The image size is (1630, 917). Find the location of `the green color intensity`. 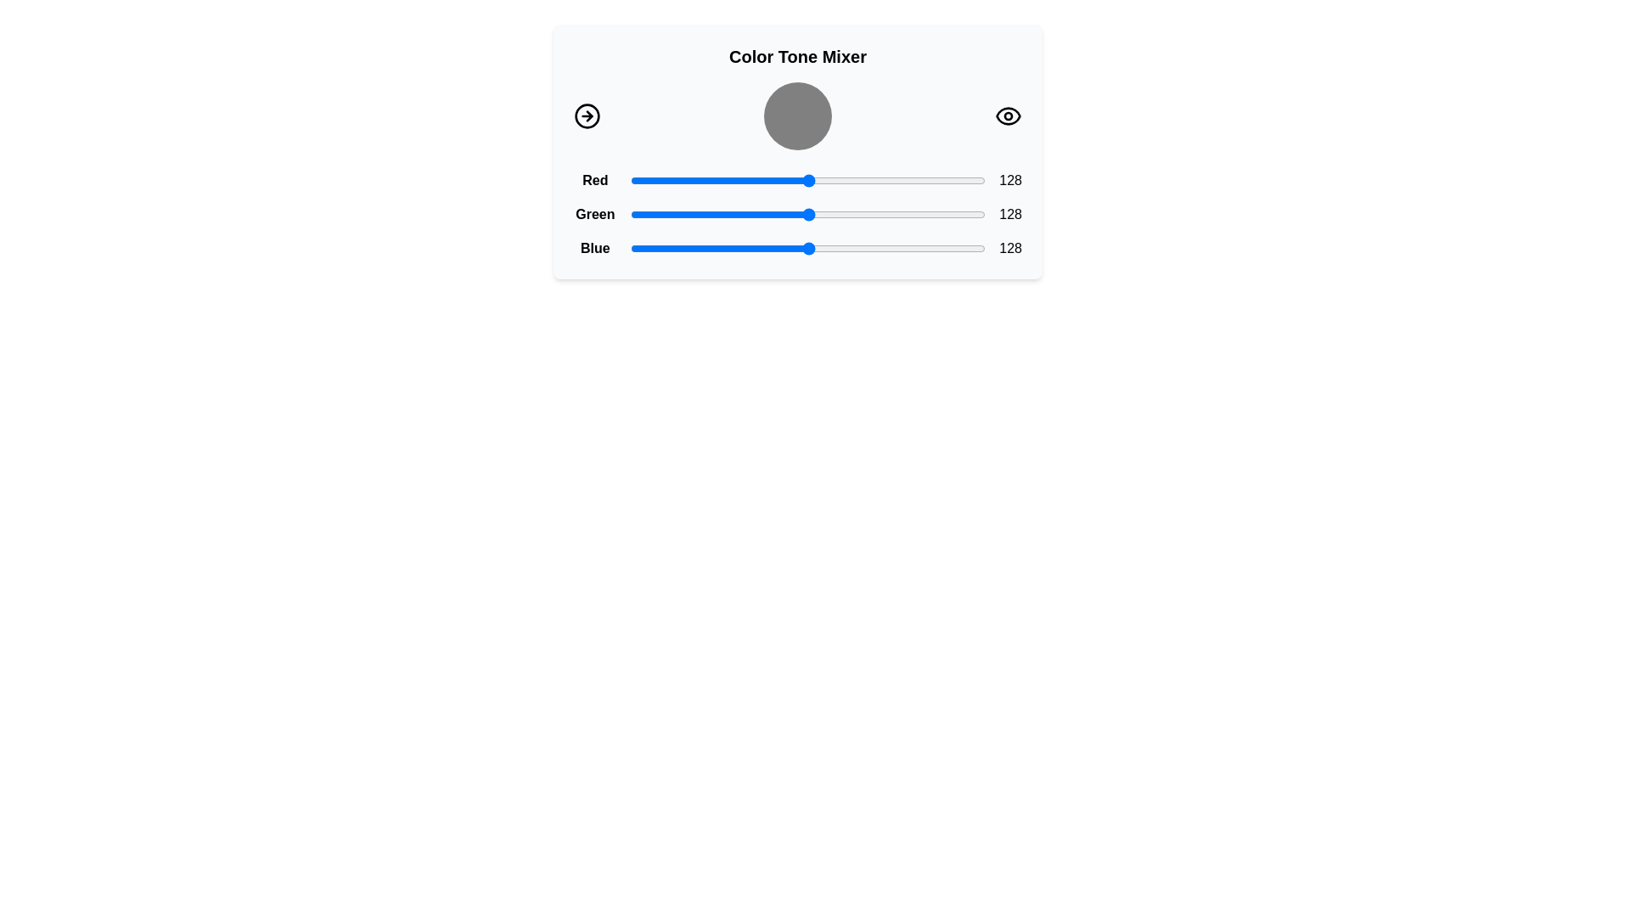

the green color intensity is located at coordinates (874, 214).